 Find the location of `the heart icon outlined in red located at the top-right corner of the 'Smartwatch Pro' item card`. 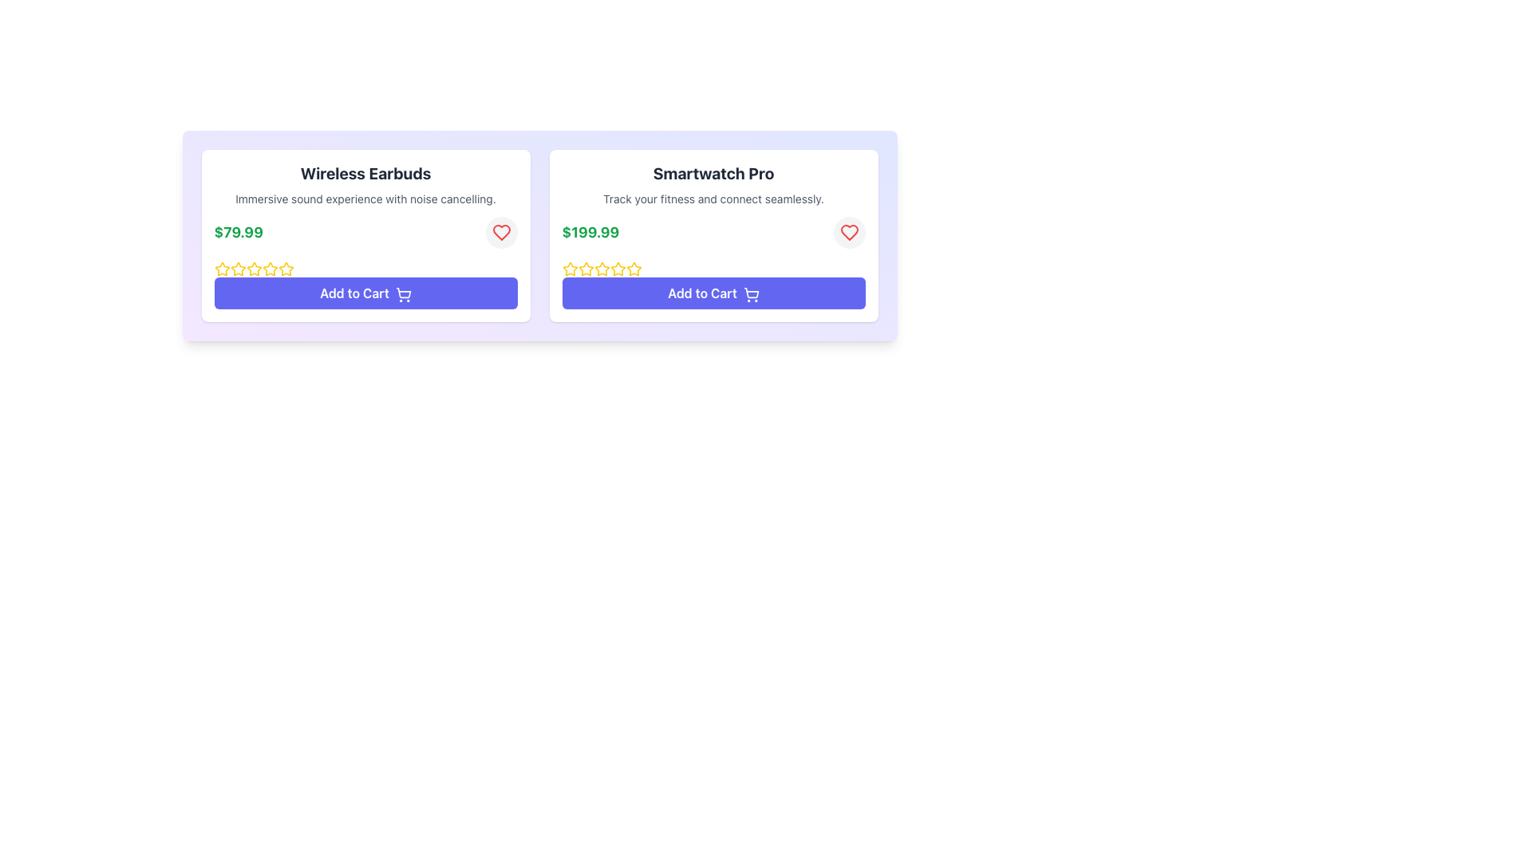

the heart icon outlined in red located at the top-right corner of the 'Smartwatch Pro' item card is located at coordinates (500, 233).